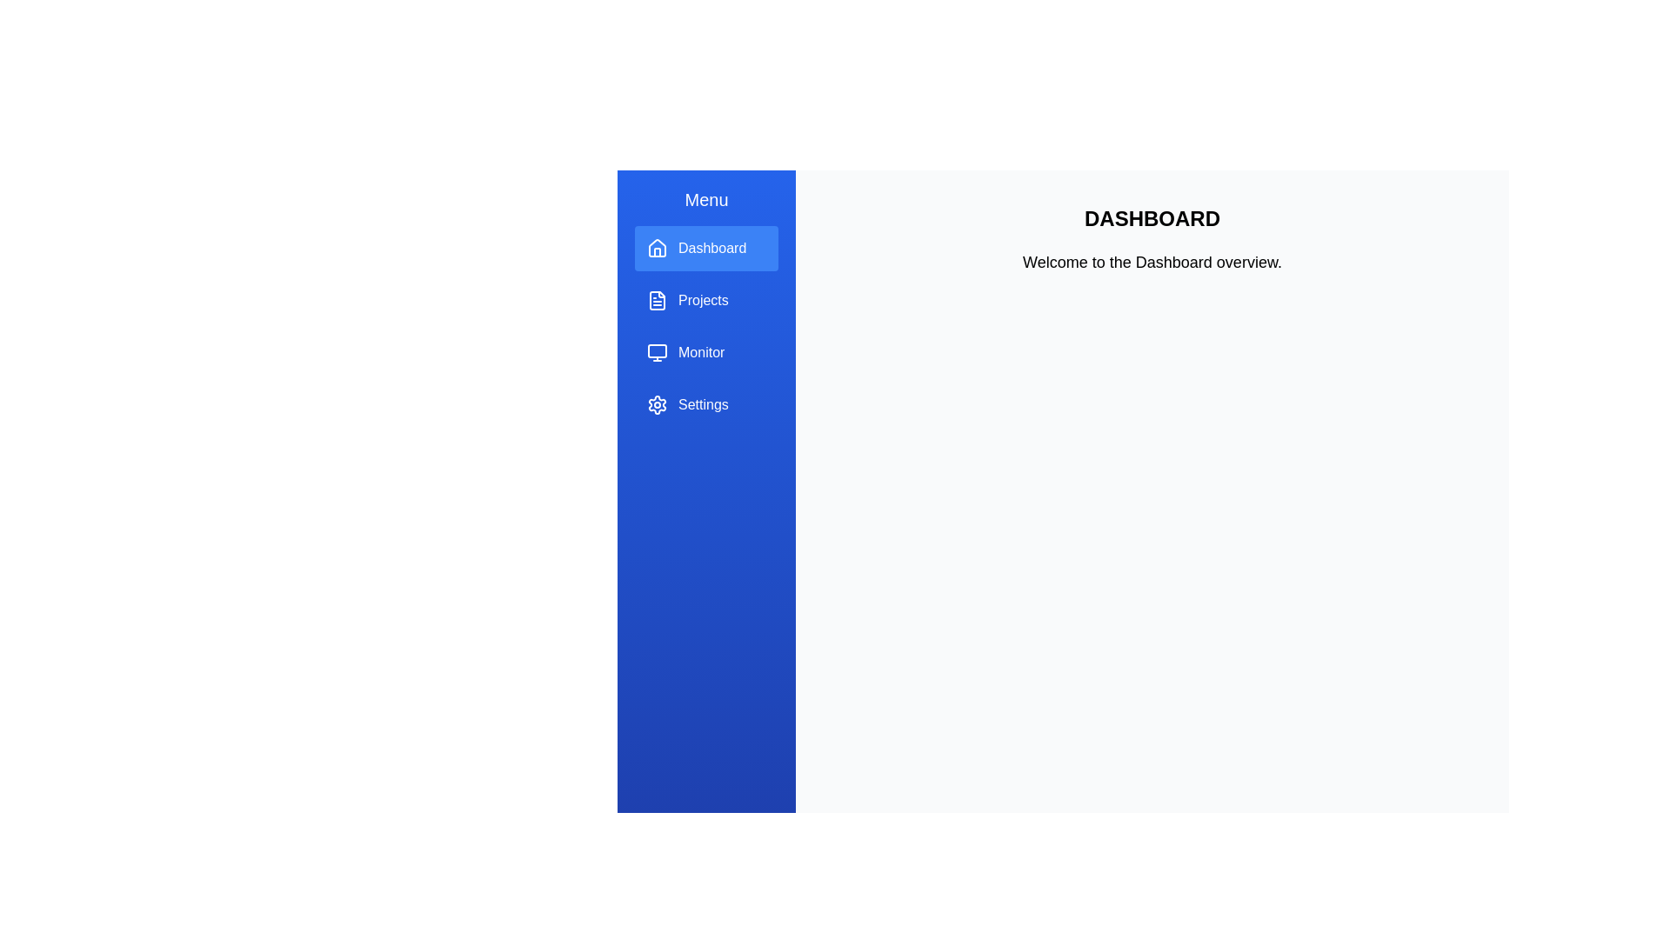  Describe the element at coordinates (706, 405) in the screenshot. I see `the fourth menu item in the vertical list on the left side of the interface` at that location.